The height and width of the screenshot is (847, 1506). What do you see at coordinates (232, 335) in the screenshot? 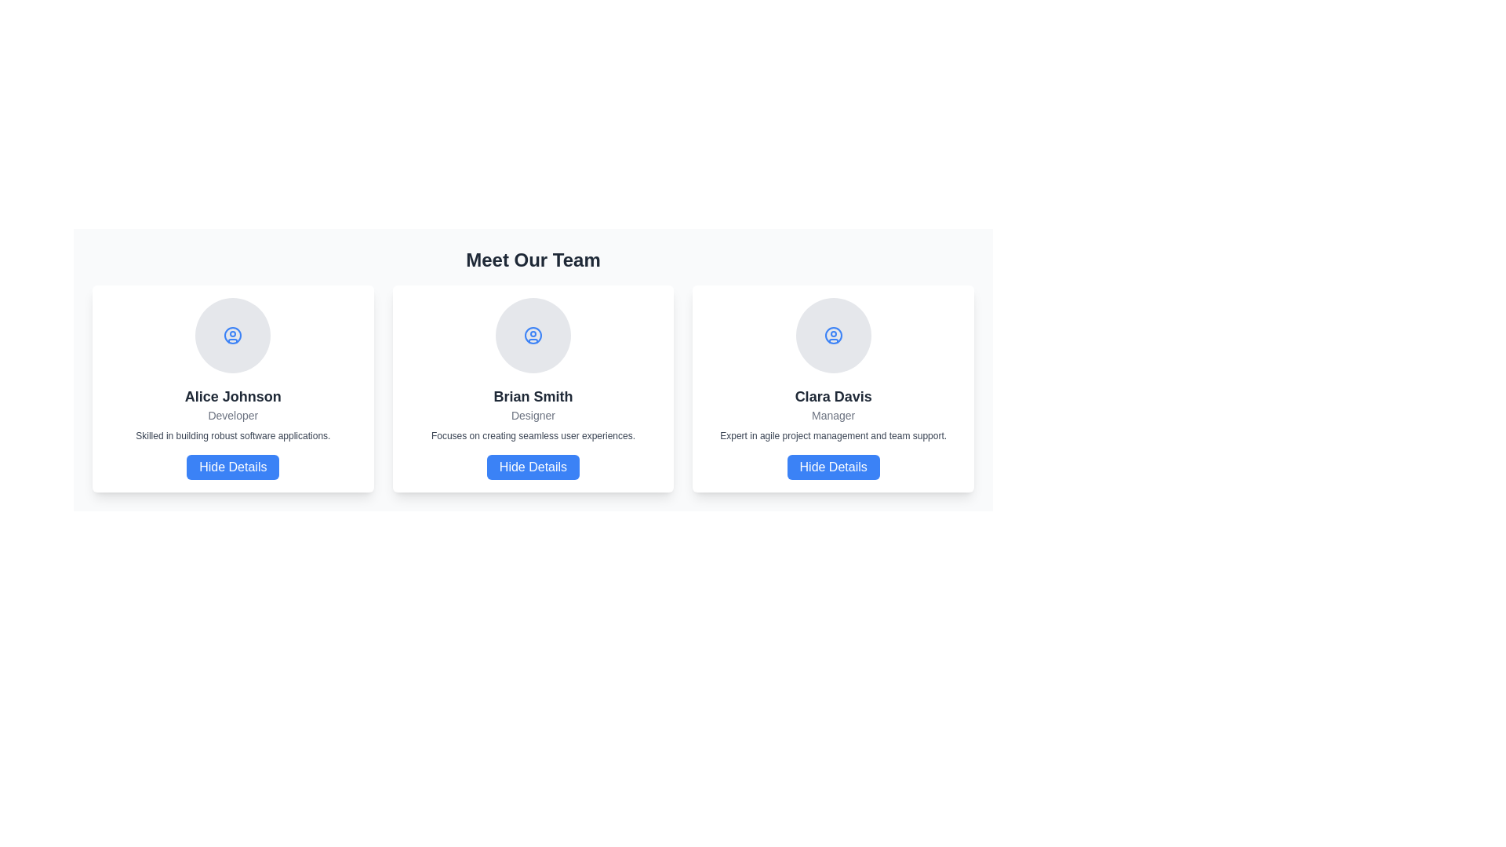
I see `the graphical icon representing Alice Johnson's profile, which is a circular outline within the profile image placeholder` at bounding box center [232, 335].